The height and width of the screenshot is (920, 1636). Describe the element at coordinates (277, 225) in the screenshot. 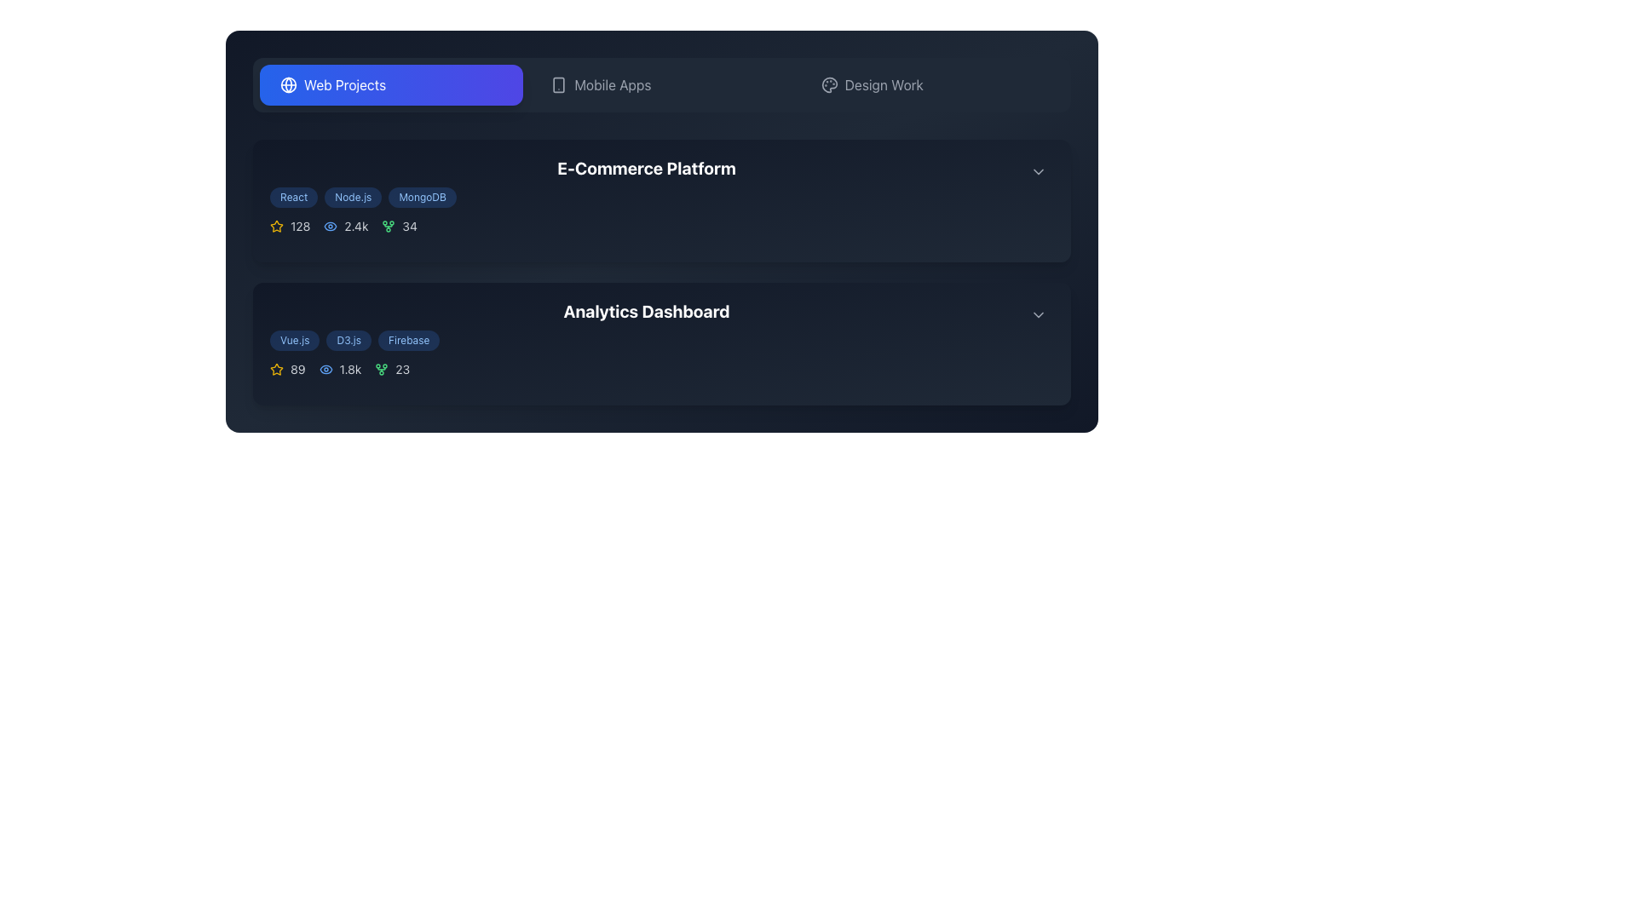

I see `the bright yellow star-shaped icon that indicates a rating or status within the 'Analytics Dashboard' section, positioned as the first visual icon in a row of statistics` at that location.